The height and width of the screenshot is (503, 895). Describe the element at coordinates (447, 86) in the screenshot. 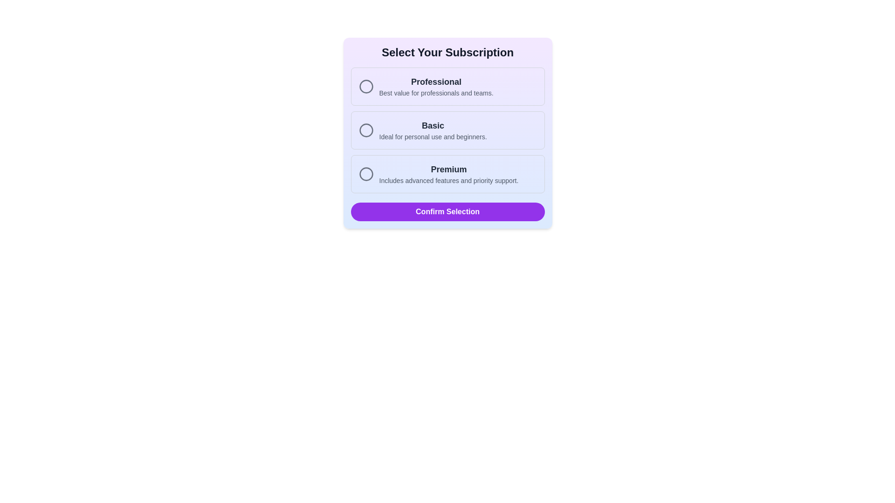

I see `to select the 'Professional' subscription plan option, which is the first radio button in a vertically arranged list on the subscription selection card` at that location.